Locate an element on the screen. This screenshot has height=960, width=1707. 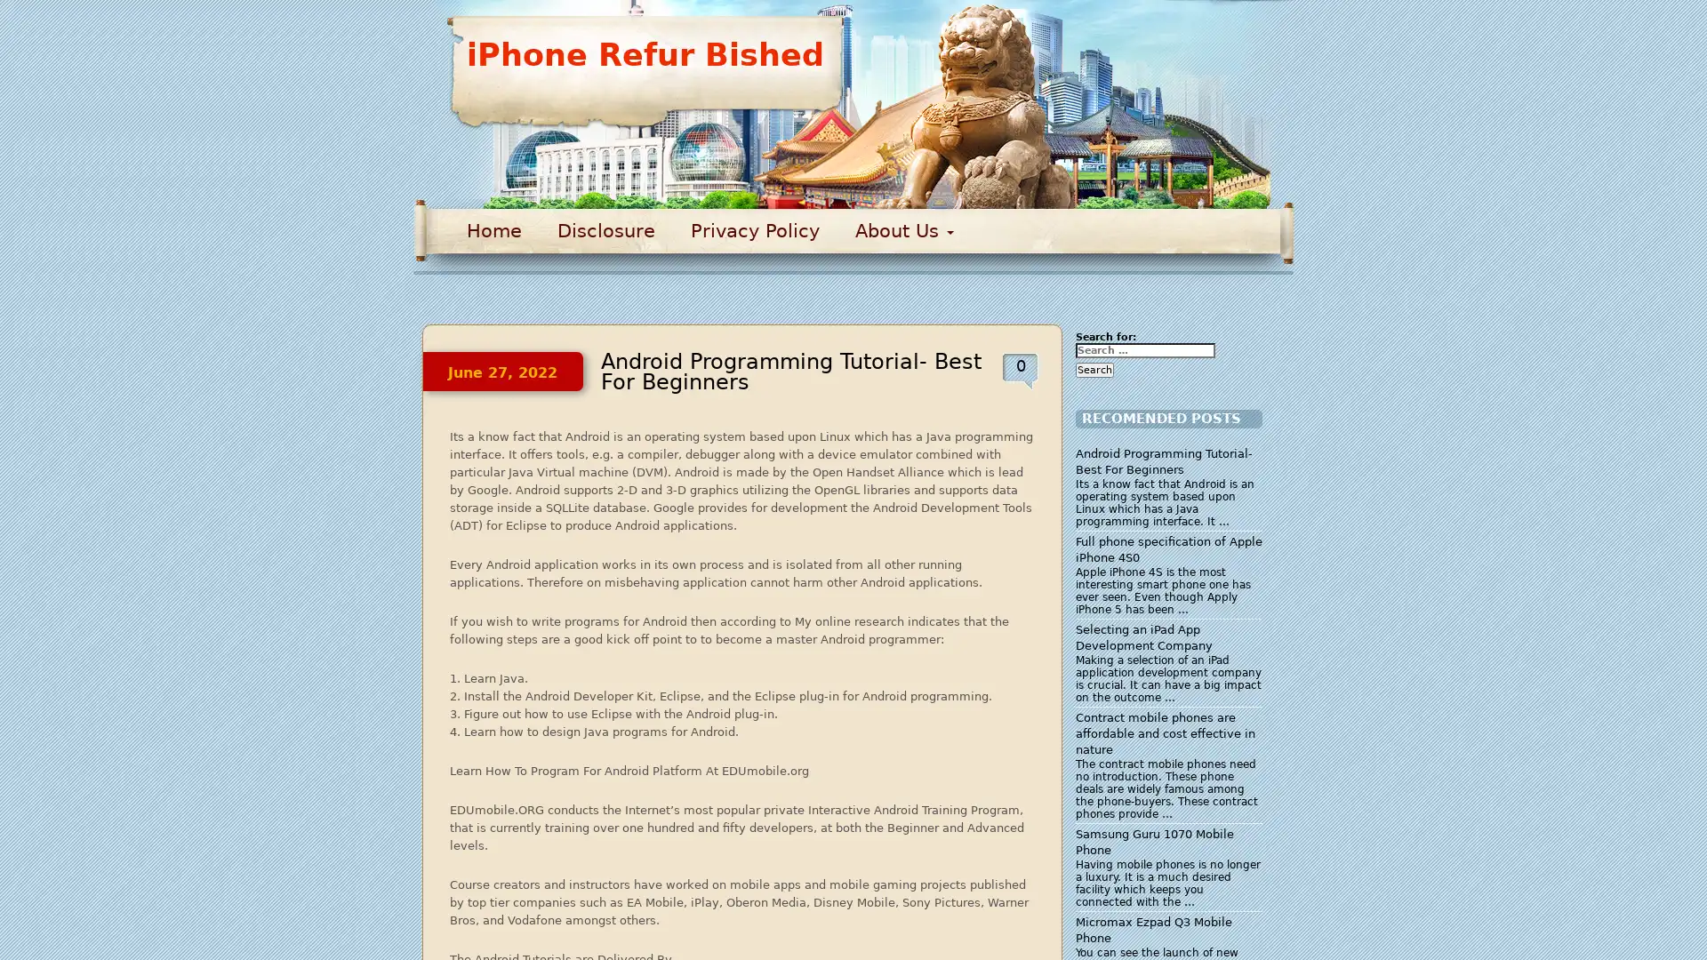
Search is located at coordinates (1094, 369).